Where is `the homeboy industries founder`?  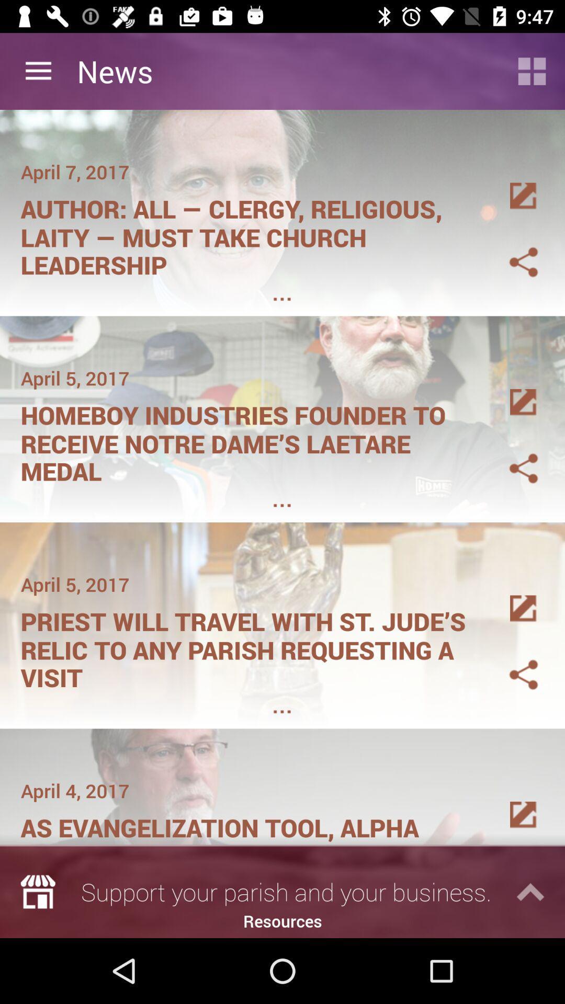
the homeboy industries founder is located at coordinates (250, 440).